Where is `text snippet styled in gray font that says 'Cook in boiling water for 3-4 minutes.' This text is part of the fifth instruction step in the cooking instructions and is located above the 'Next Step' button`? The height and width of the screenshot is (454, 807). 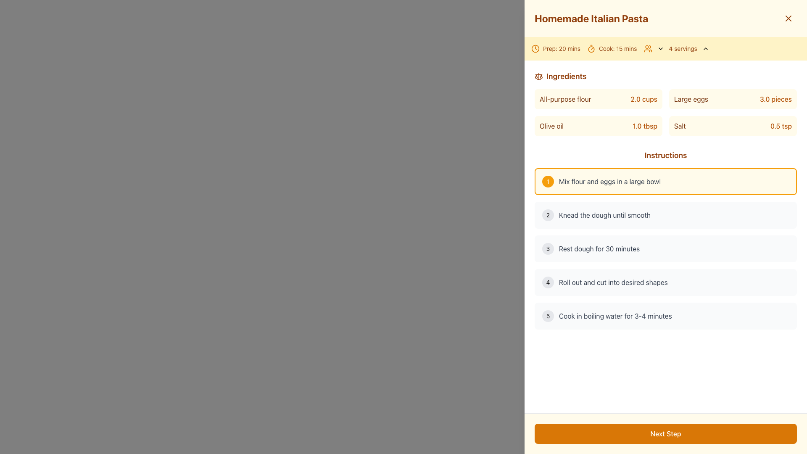 text snippet styled in gray font that says 'Cook in boiling water for 3-4 minutes.' This text is part of the fifth instruction step in the cooking instructions and is located above the 'Next Step' button is located at coordinates (615, 316).